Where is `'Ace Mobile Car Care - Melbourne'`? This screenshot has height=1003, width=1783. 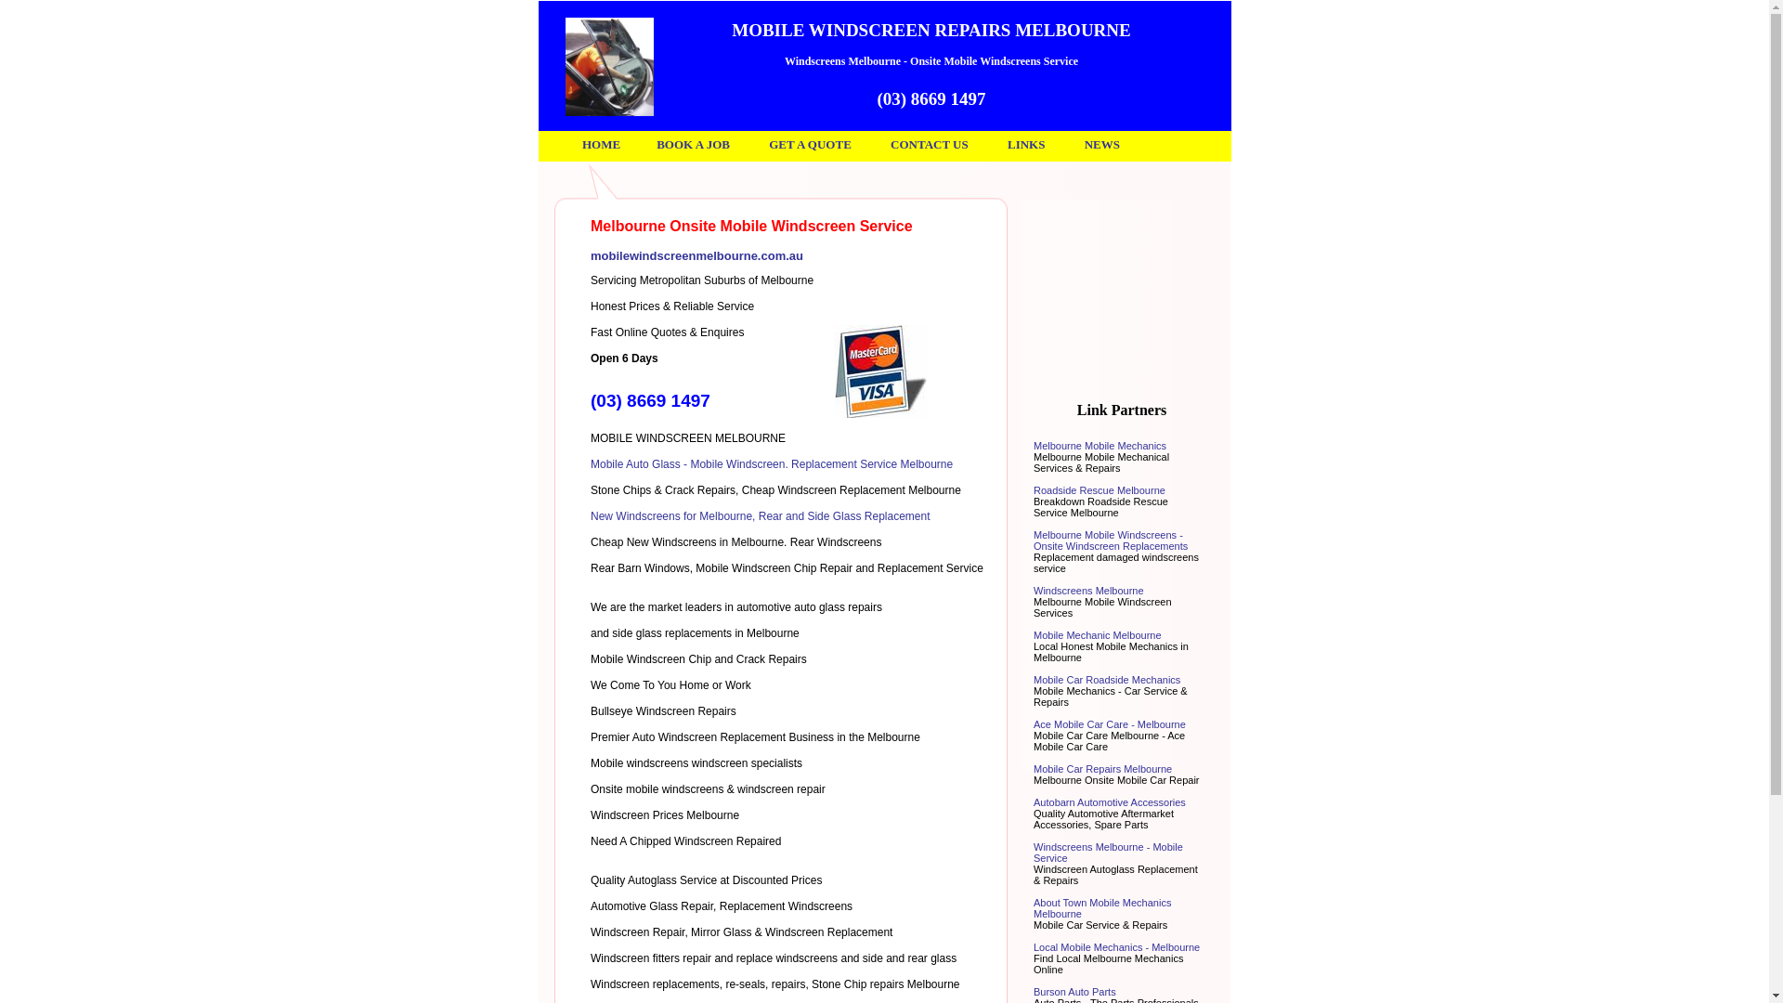 'Ace Mobile Car Care - Melbourne' is located at coordinates (1110, 723).